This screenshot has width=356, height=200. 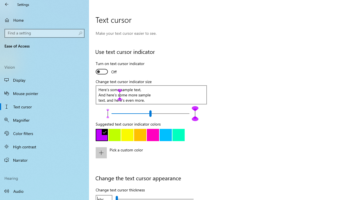 What do you see at coordinates (102, 135) in the screenshot?
I see `'Purple'` at bounding box center [102, 135].